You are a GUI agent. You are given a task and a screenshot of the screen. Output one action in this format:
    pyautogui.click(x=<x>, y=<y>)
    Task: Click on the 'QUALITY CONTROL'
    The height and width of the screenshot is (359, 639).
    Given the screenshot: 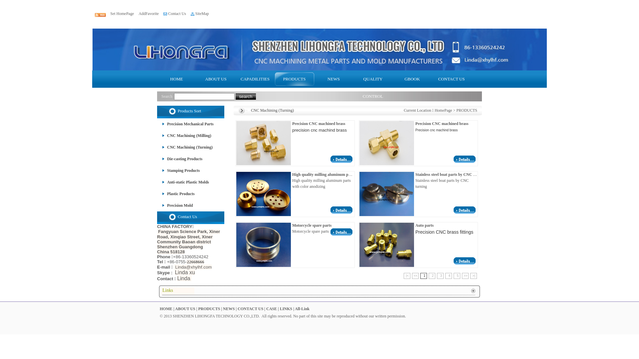 What is the action you would take?
    pyautogui.click(x=373, y=79)
    